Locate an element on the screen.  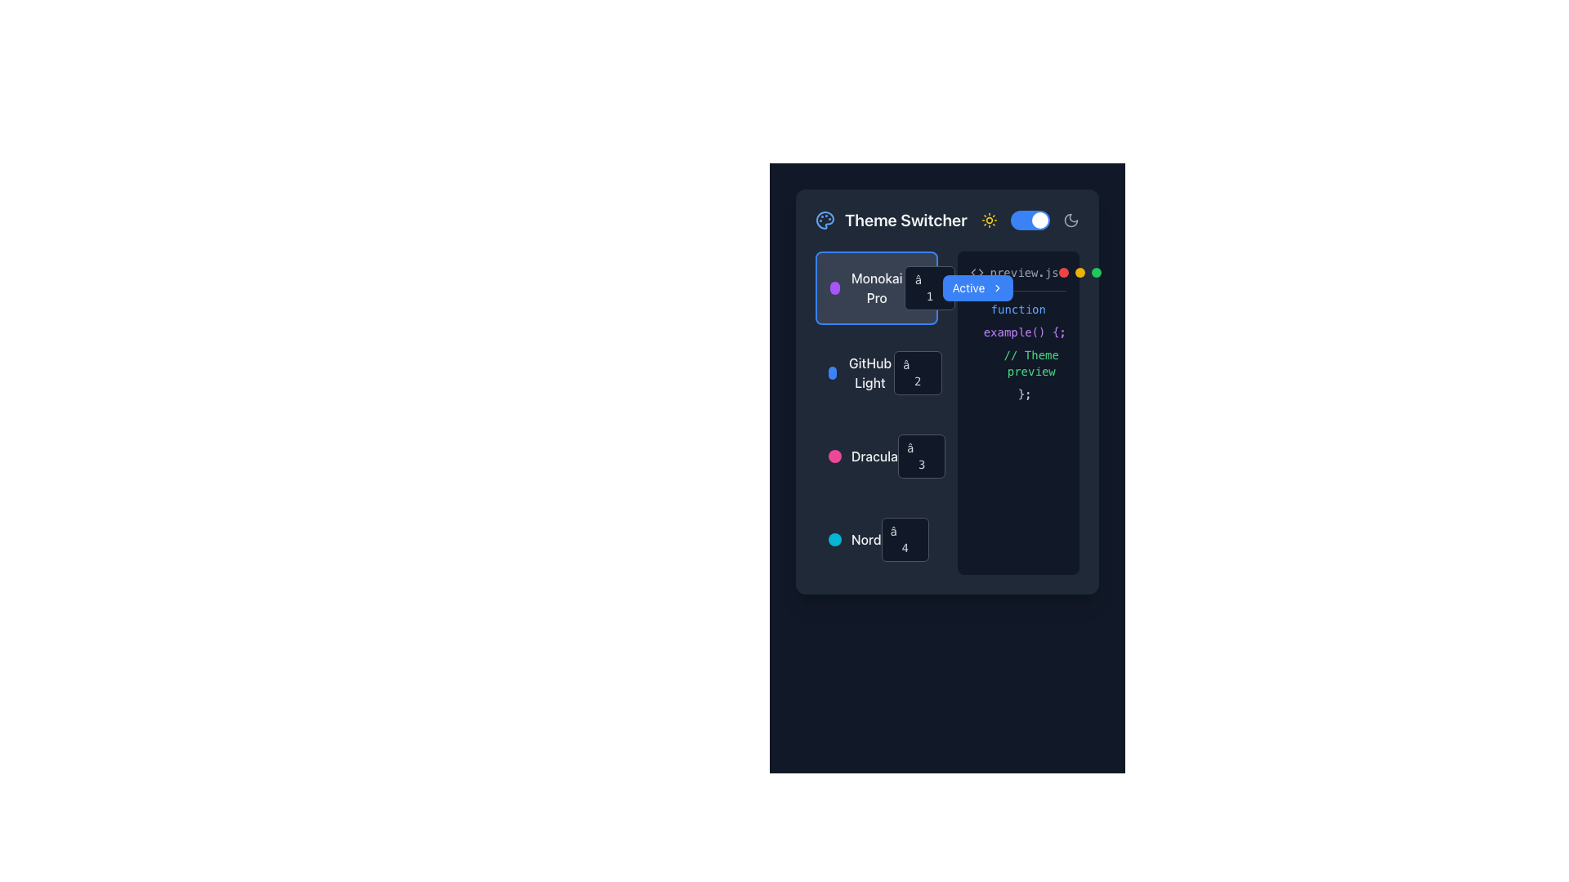
the selectable option labeled 'Dracula ⌘ 3' which features a pink circular icon and is positioned third is located at coordinates (875, 457).